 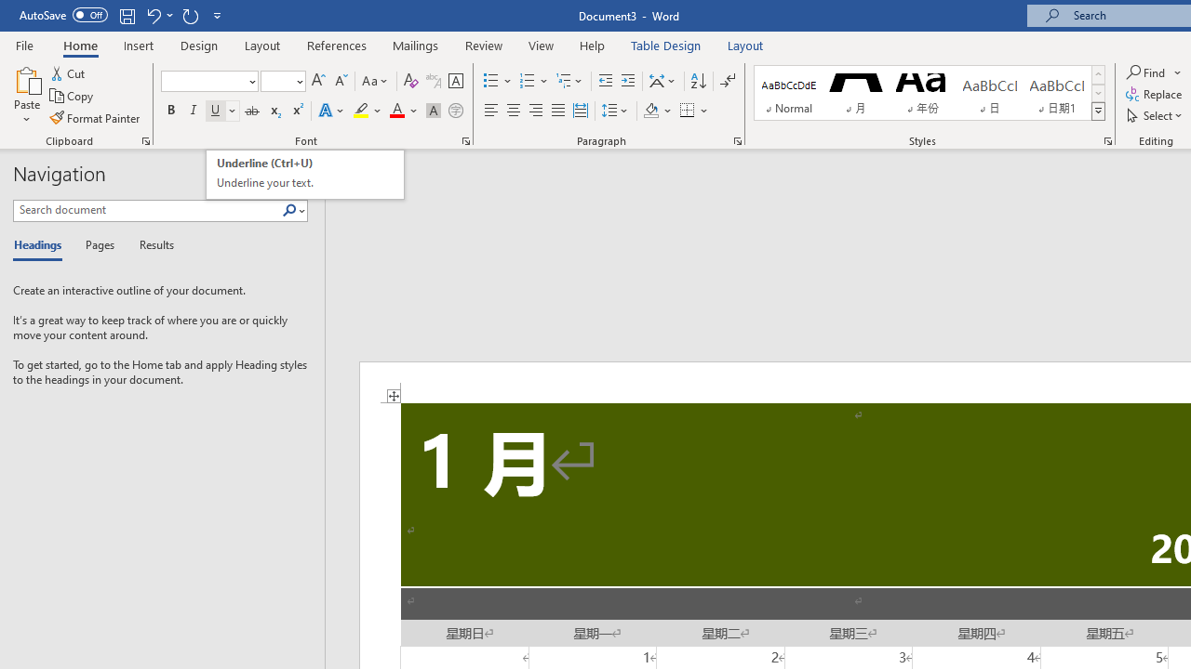 What do you see at coordinates (395, 111) in the screenshot?
I see `'Font Color RGB(255, 0, 0)'` at bounding box center [395, 111].